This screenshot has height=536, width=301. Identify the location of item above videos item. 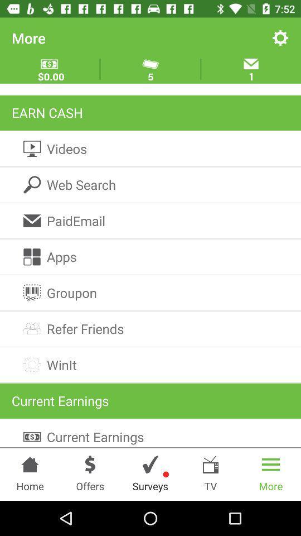
(151, 113).